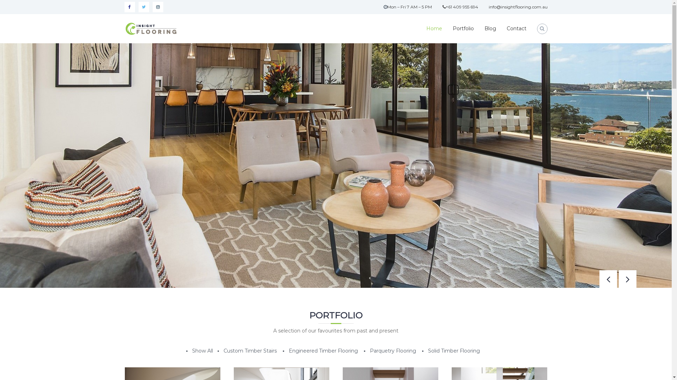 The height and width of the screenshot is (380, 677). Describe the element at coordinates (433, 28) in the screenshot. I see `'Home'` at that location.